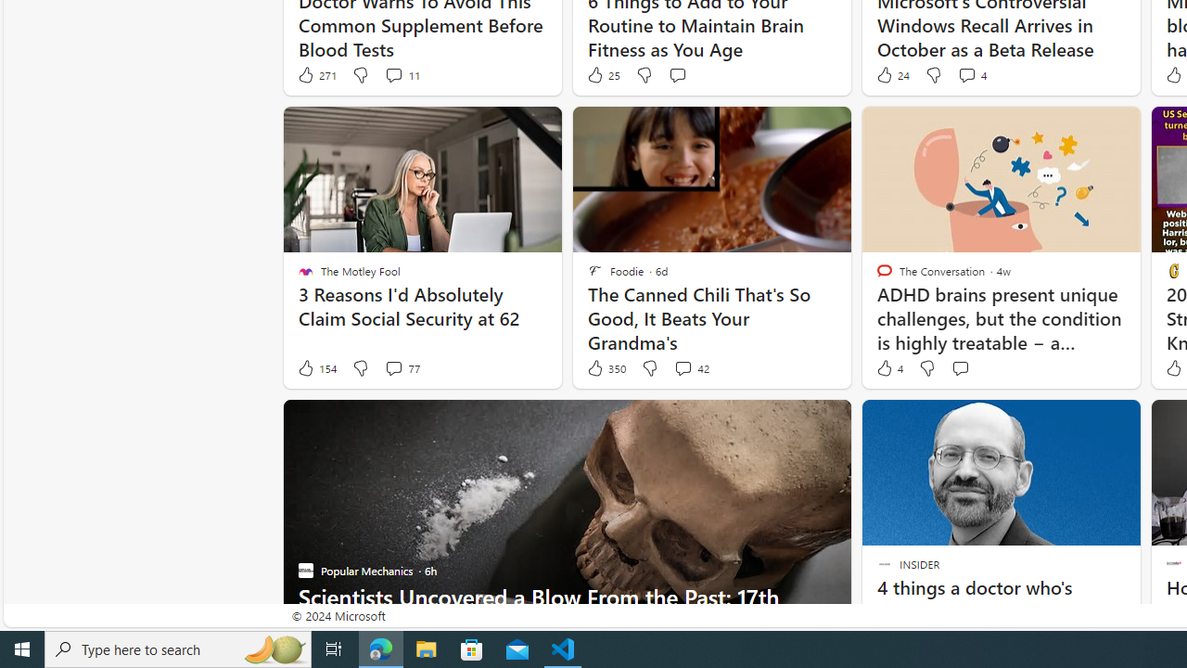  What do you see at coordinates (401, 74) in the screenshot?
I see `'View comments 11 Comment'` at bounding box center [401, 74].